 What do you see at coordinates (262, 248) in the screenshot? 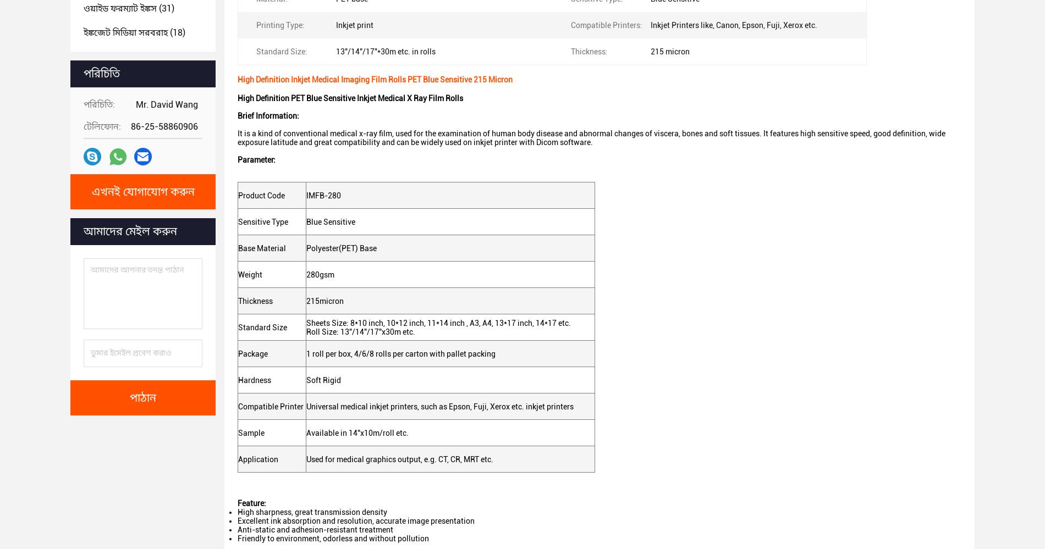
I see `'Base Material'` at bounding box center [262, 248].